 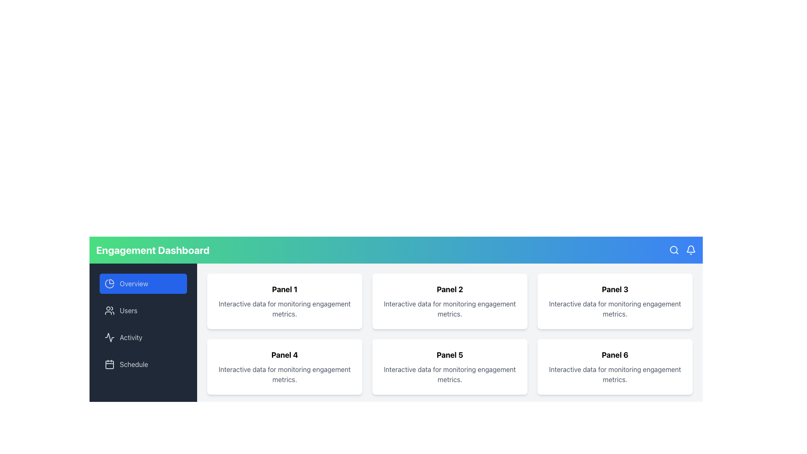 What do you see at coordinates (109, 364) in the screenshot?
I see `the SVG rectangle representing the body of the calendar icon` at bounding box center [109, 364].